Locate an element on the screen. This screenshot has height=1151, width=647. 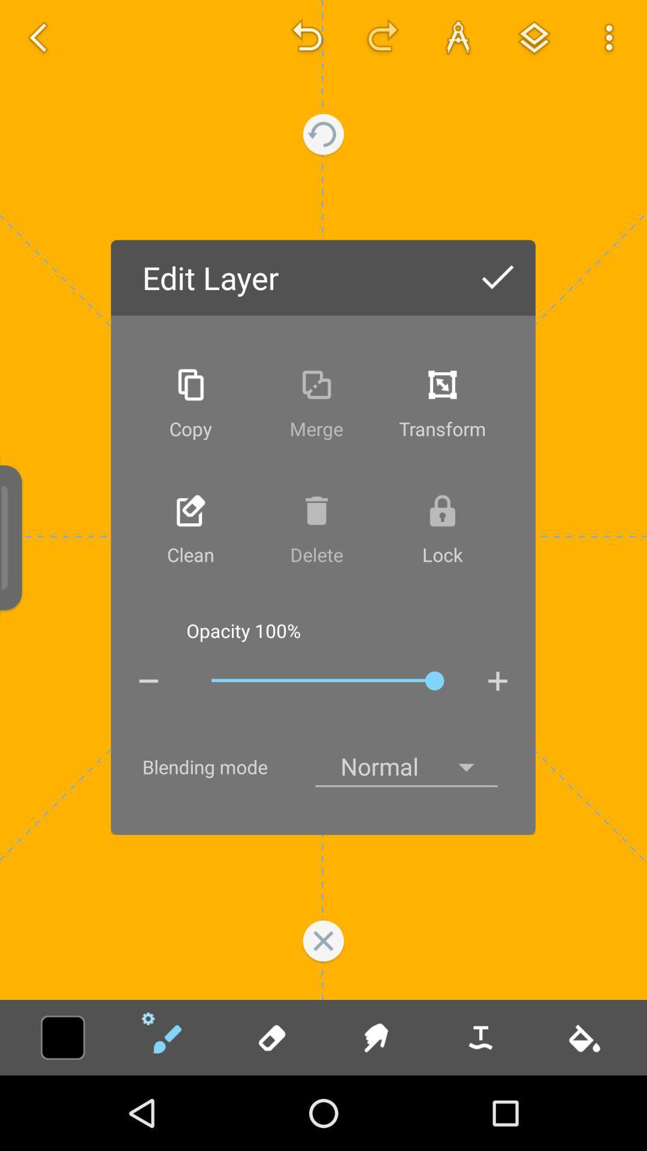
take the icon above clean is located at coordinates (191, 510).